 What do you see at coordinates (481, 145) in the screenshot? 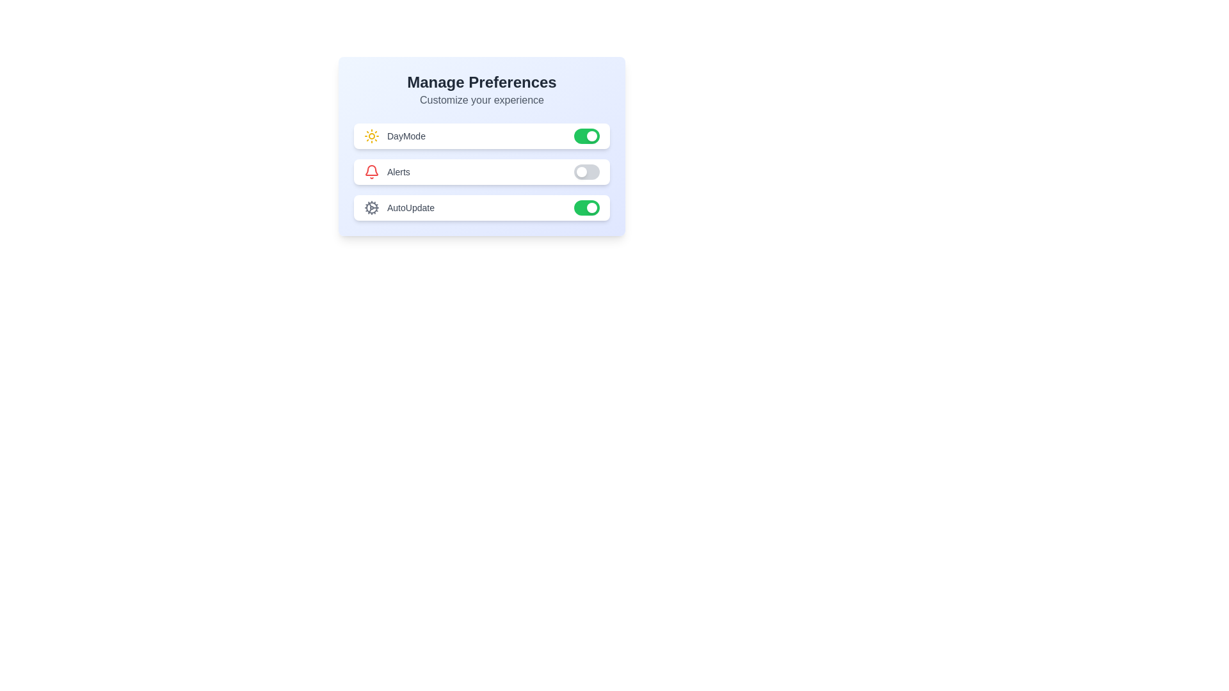
I see `the 'Manage Preferences' text header, which is a rectangular card with a gradient background and contains the text 'Manage Preferences' in bold, located at the center of the card` at bounding box center [481, 145].